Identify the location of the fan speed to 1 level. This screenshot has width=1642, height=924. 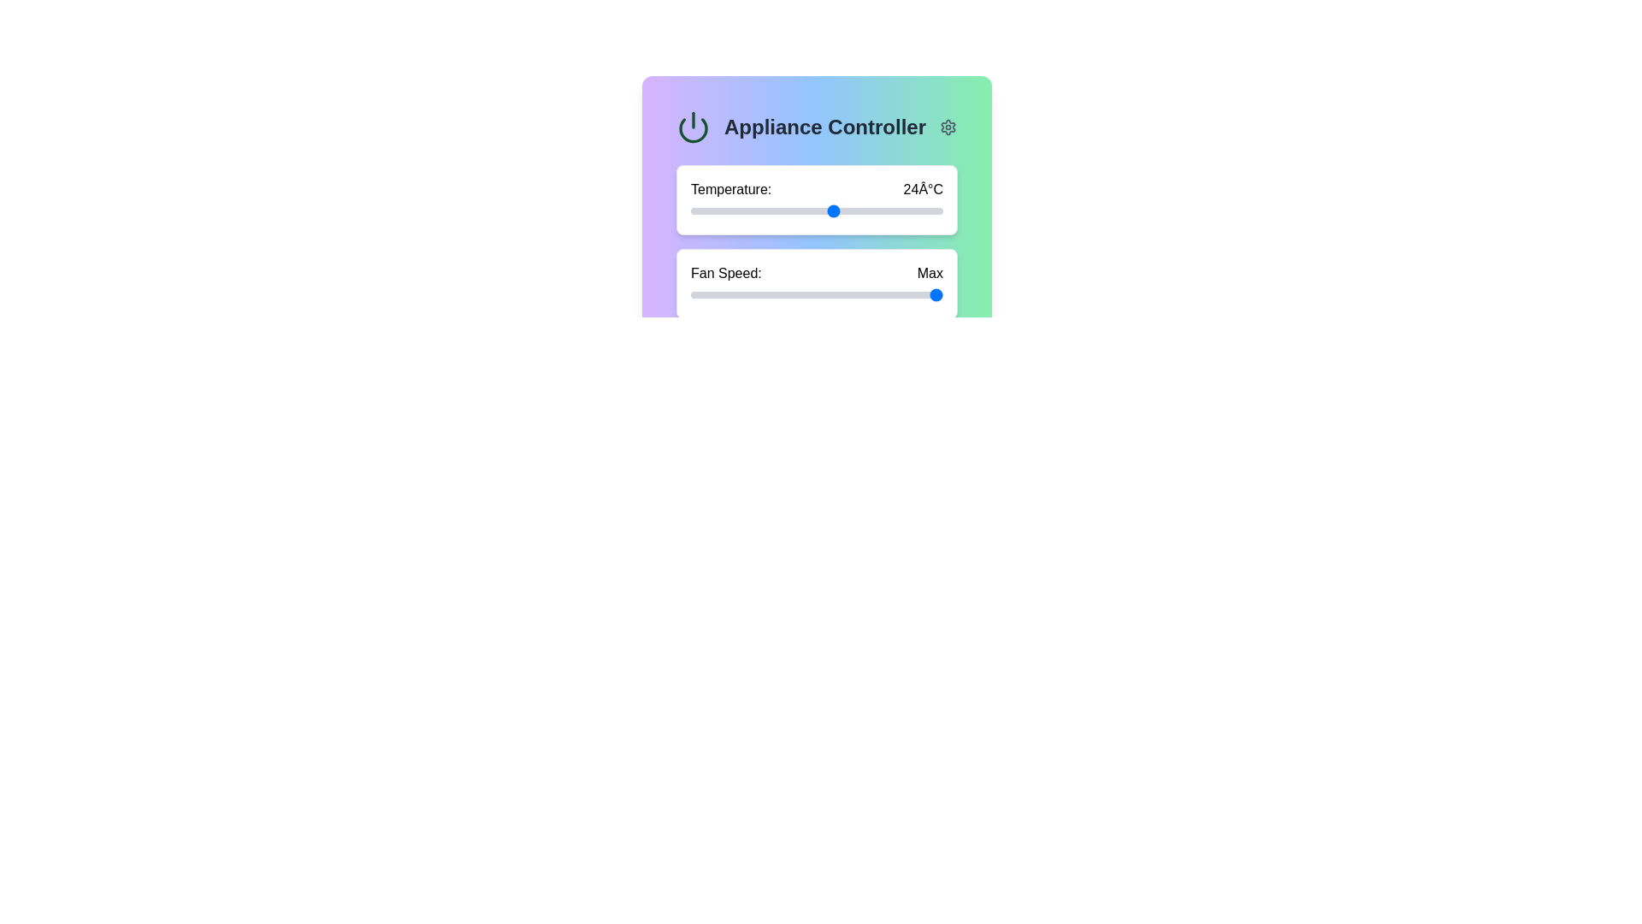
(774, 293).